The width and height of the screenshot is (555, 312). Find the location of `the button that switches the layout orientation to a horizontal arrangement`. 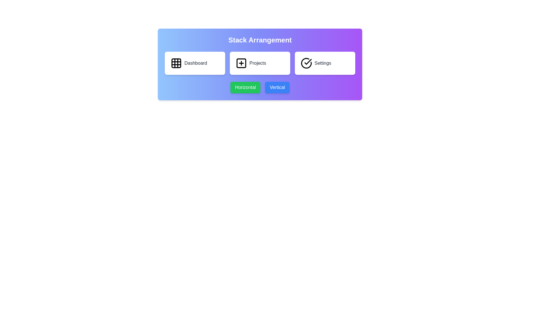

the button that switches the layout orientation to a horizontal arrangement is located at coordinates (245, 88).